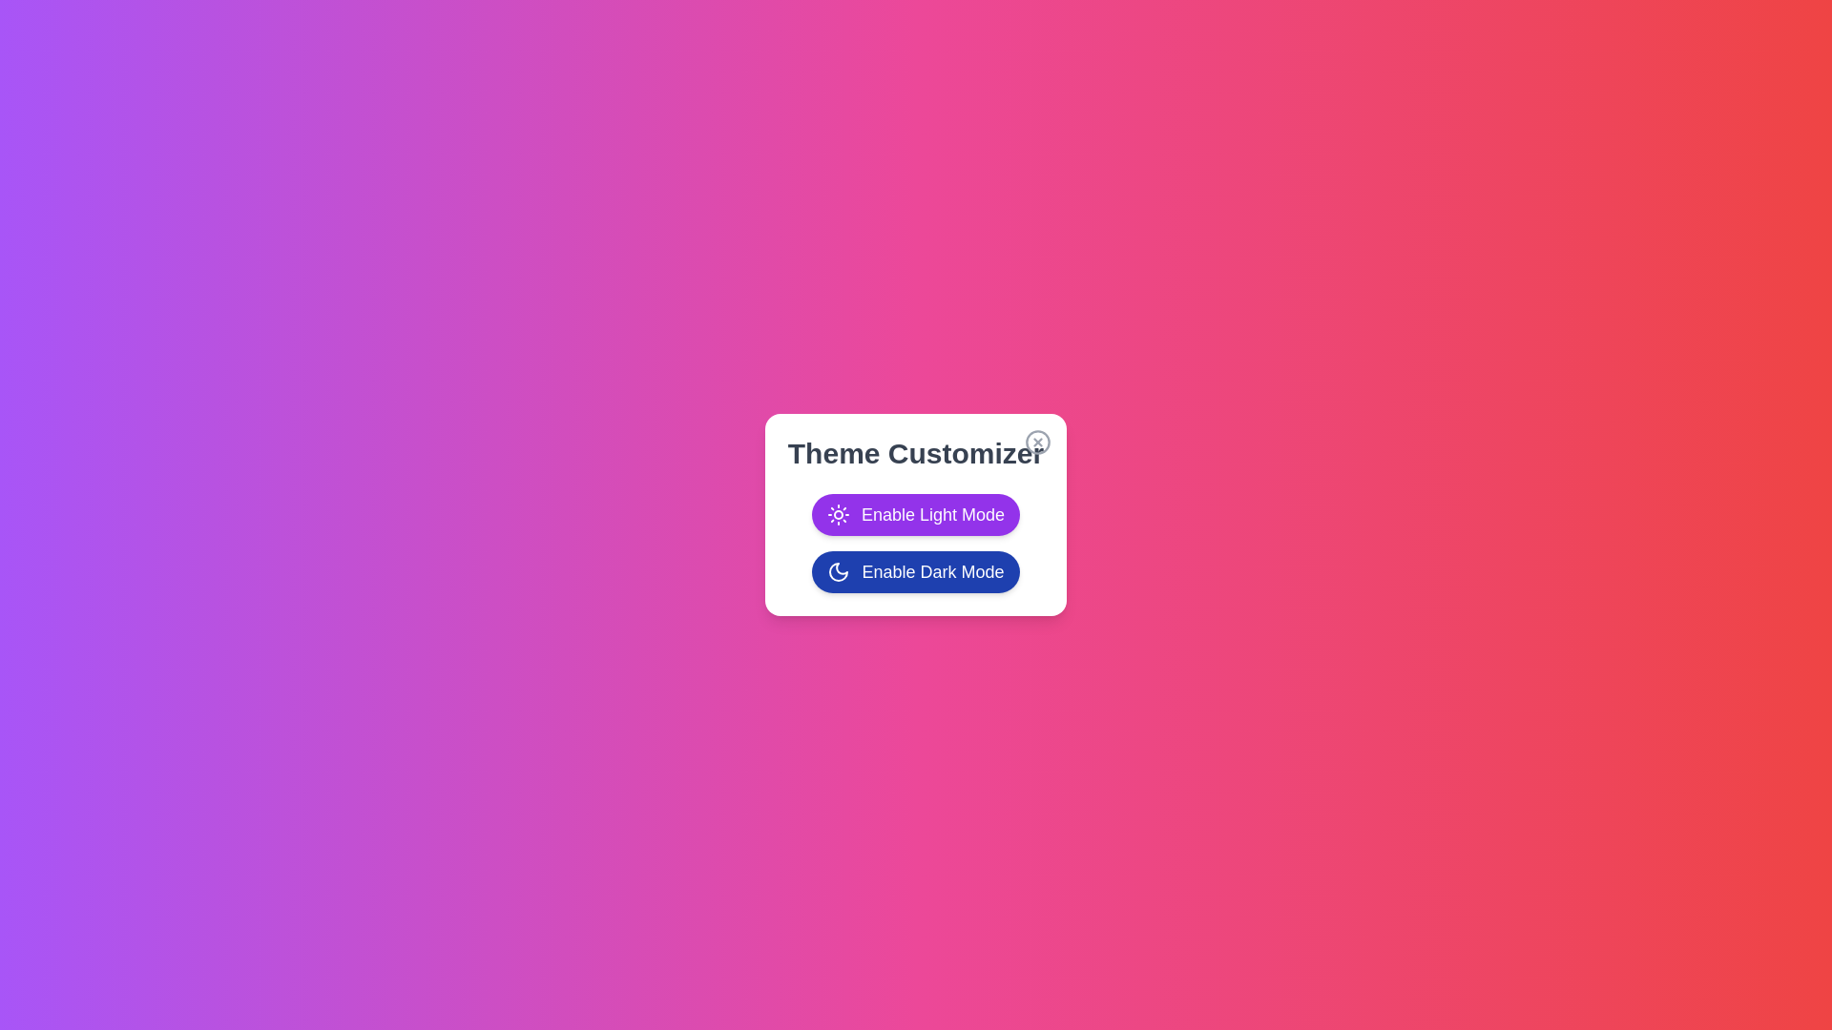 The image size is (1832, 1030). I want to click on the close button to close the dialog, so click(1037, 442).